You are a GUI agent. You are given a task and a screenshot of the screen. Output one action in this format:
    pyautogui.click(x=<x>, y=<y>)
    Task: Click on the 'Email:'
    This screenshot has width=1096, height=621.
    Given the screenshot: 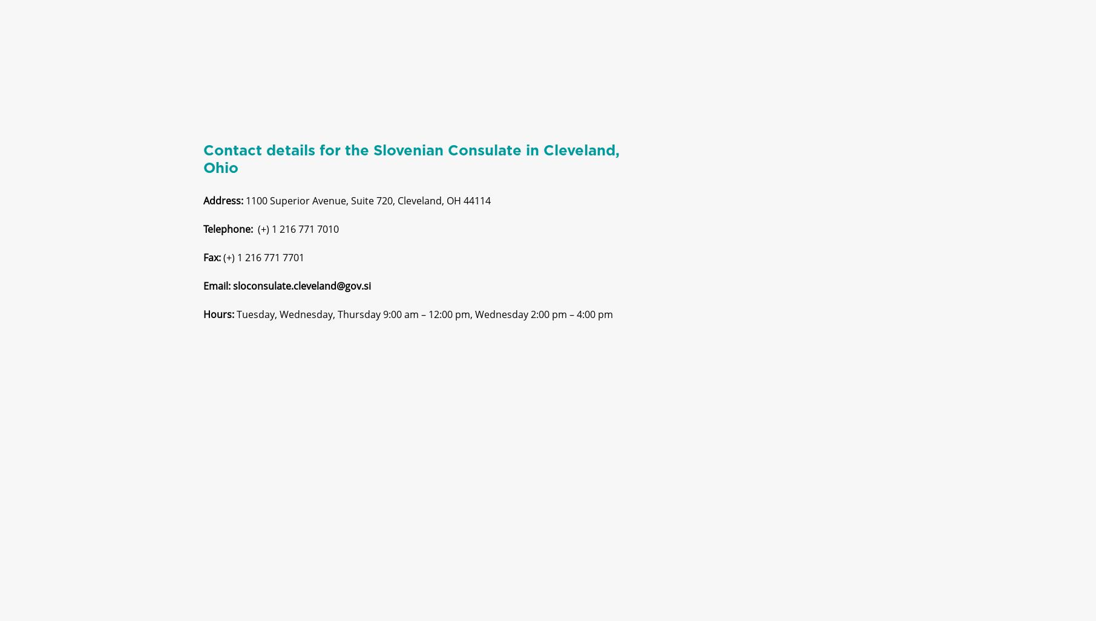 What is the action you would take?
    pyautogui.click(x=215, y=296)
    